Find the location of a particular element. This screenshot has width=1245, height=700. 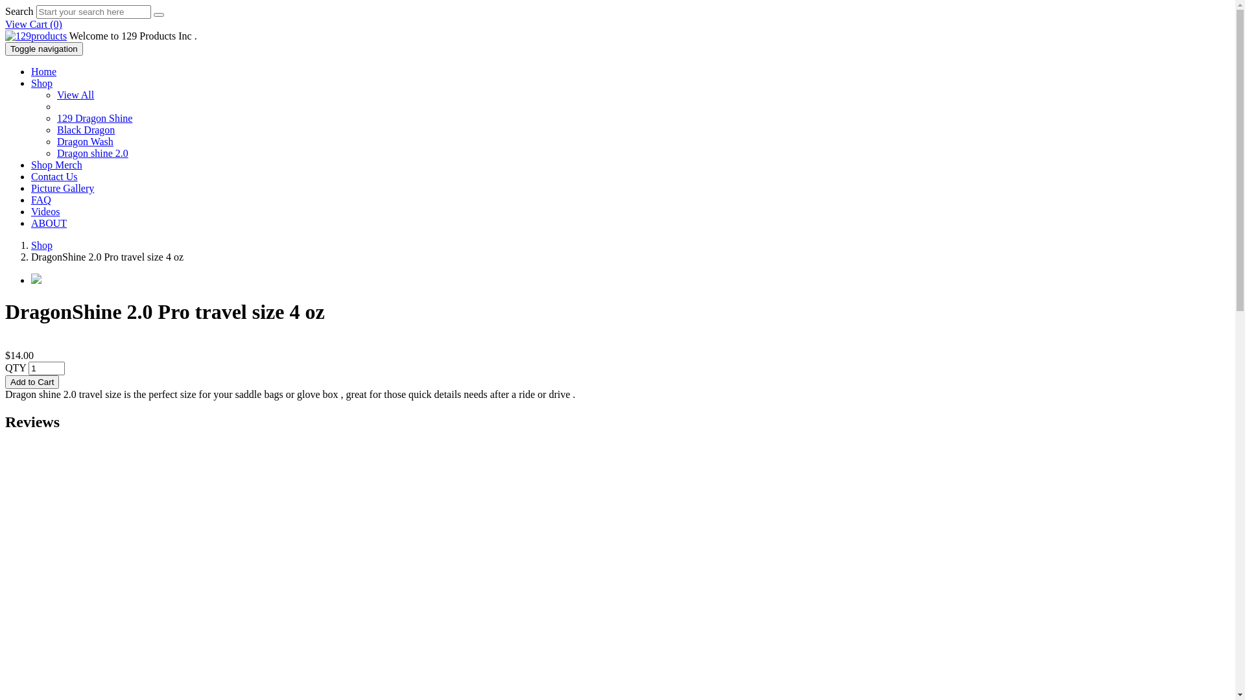

'View All' is located at coordinates (75, 94).